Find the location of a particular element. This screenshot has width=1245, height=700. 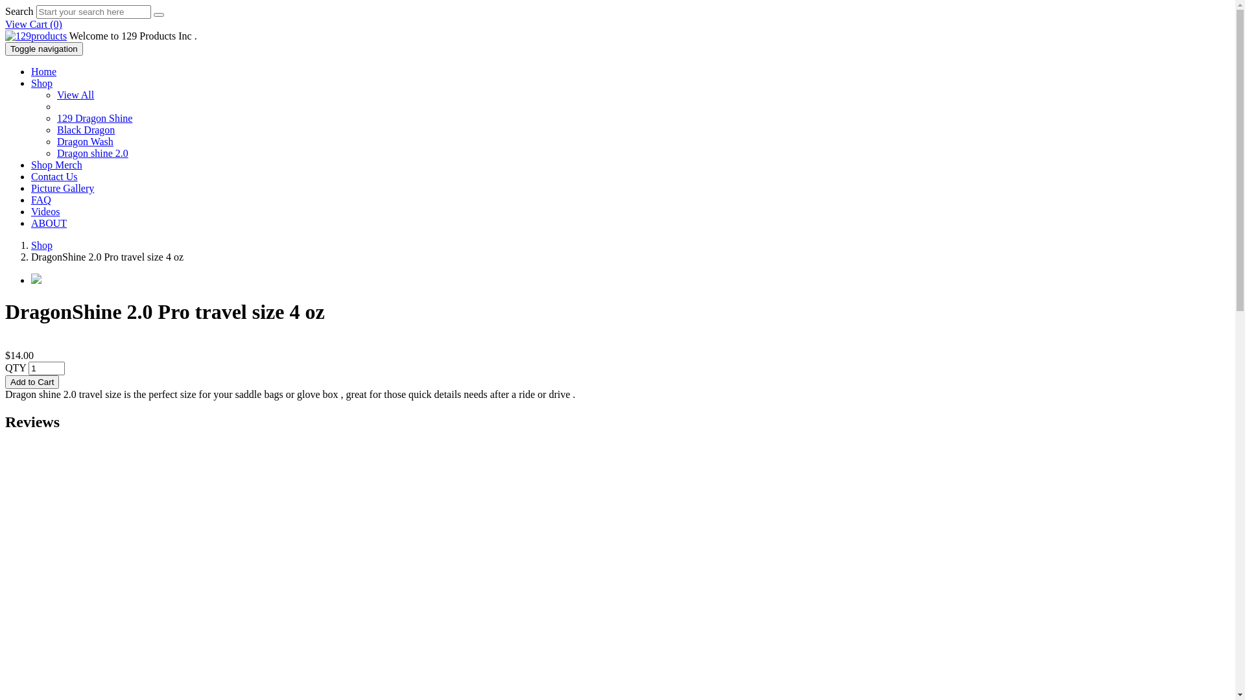

'View All' is located at coordinates (75, 94).